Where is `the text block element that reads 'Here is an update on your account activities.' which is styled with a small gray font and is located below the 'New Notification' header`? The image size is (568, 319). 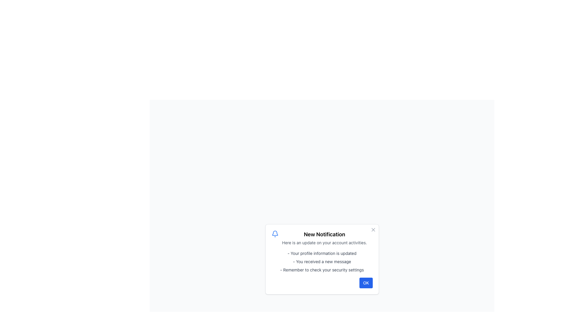 the text block element that reads 'Here is an update on your account activities.' which is styled with a small gray font and is located below the 'New Notification' header is located at coordinates (324, 242).